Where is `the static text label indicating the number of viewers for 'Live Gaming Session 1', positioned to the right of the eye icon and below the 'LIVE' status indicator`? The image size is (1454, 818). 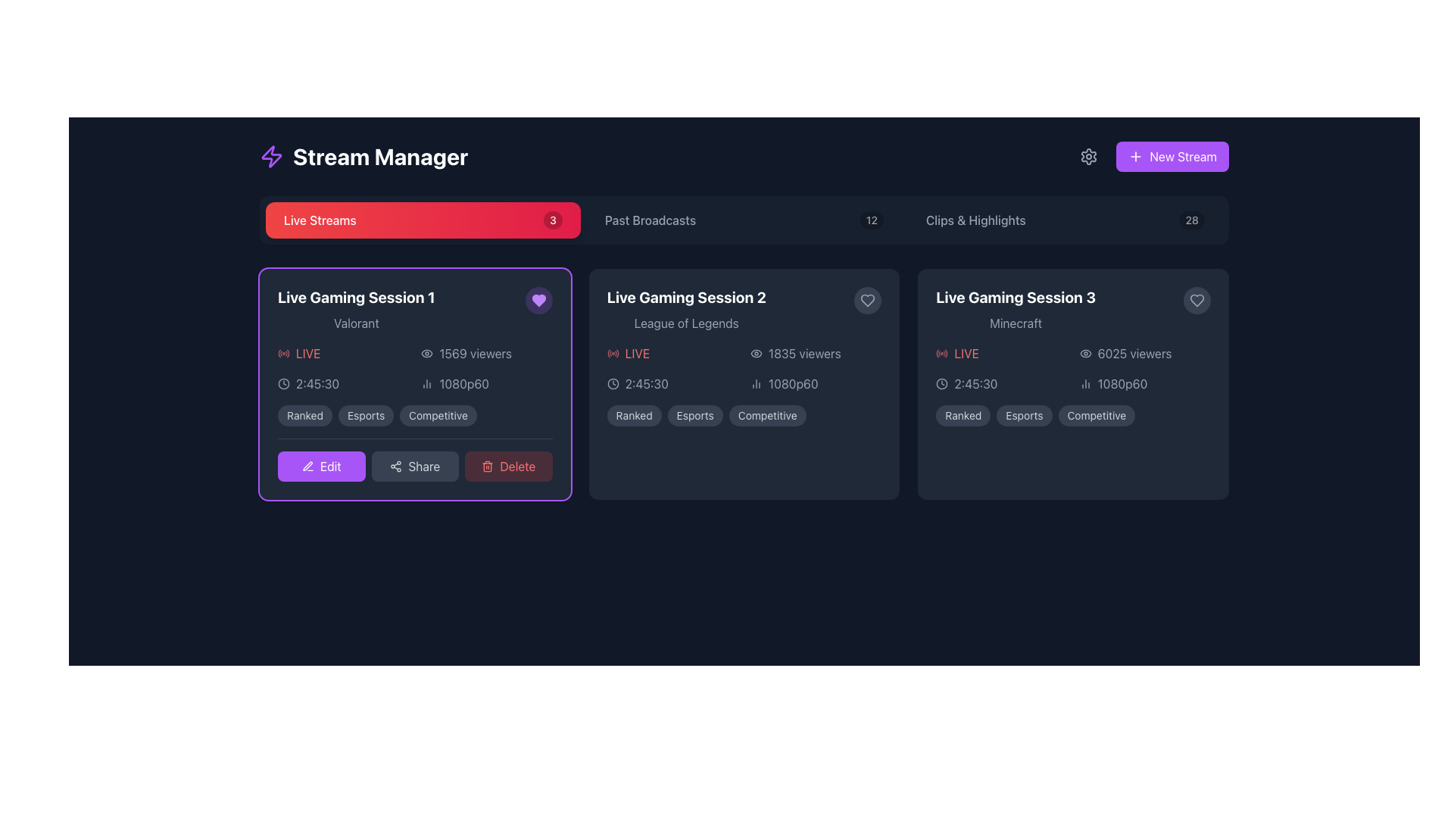
the static text label indicating the number of viewers for 'Live Gaming Session 1', positioned to the right of the eye icon and below the 'LIVE' status indicator is located at coordinates (475, 353).